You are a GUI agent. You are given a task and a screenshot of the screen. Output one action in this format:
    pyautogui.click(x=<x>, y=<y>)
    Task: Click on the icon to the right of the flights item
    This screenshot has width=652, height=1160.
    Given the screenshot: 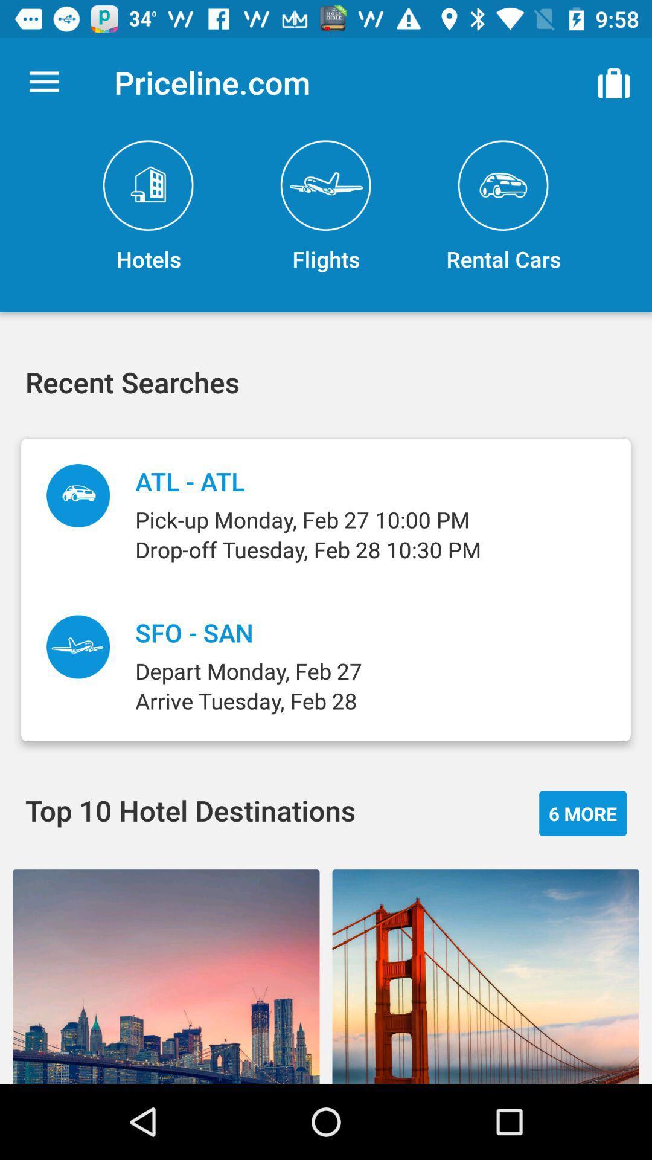 What is the action you would take?
    pyautogui.click(x=503, y=207)
    